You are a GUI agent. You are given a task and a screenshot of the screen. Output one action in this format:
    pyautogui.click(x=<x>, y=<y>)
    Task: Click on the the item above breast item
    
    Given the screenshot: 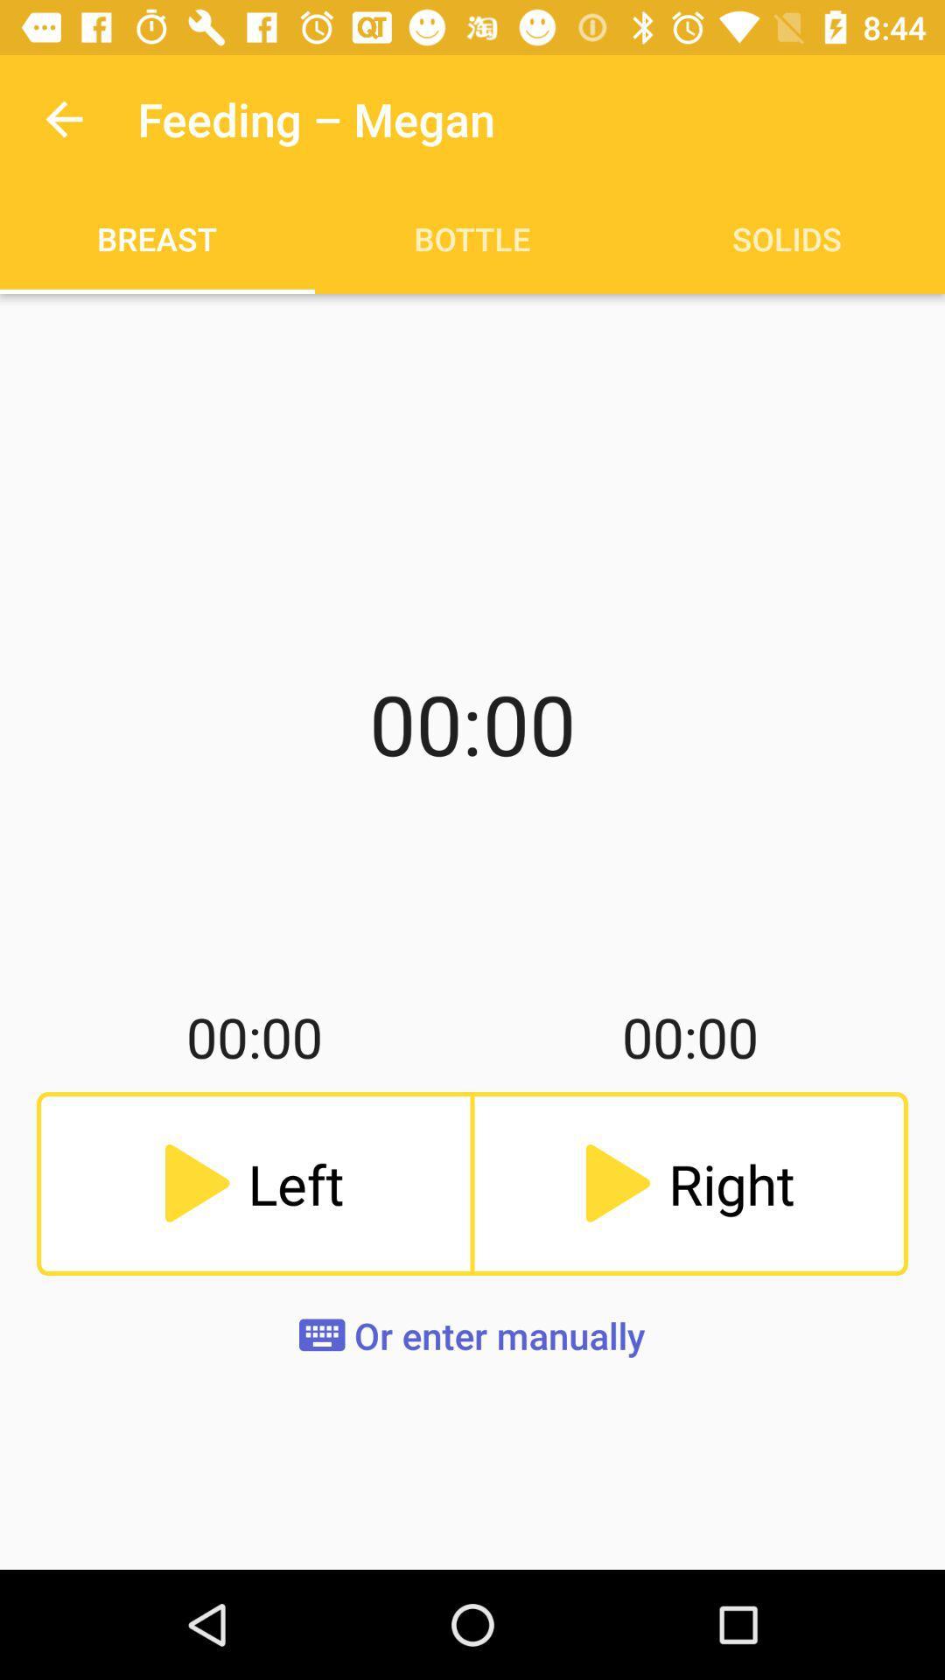 What is the action you would take?
    pyautogui.click(x=63, y=118)
    